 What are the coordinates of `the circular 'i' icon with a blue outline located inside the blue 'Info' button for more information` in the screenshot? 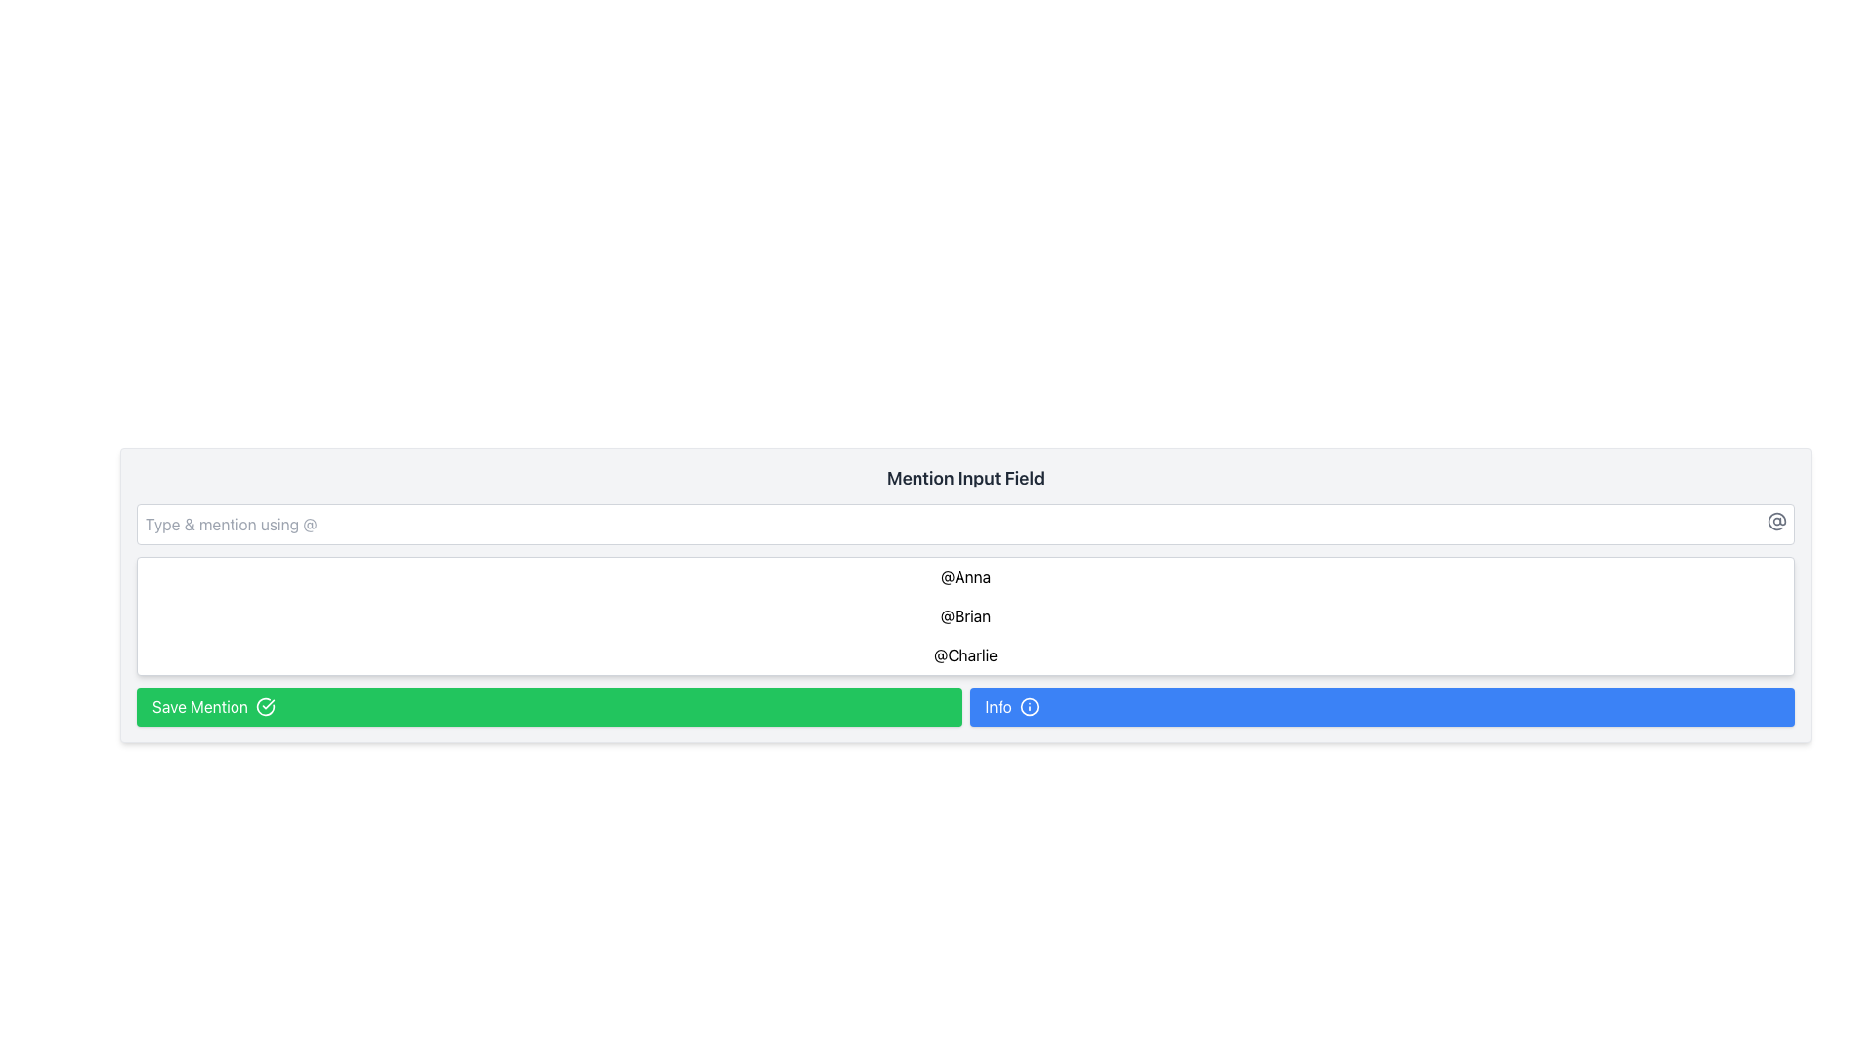 It's located at (1028, 707).